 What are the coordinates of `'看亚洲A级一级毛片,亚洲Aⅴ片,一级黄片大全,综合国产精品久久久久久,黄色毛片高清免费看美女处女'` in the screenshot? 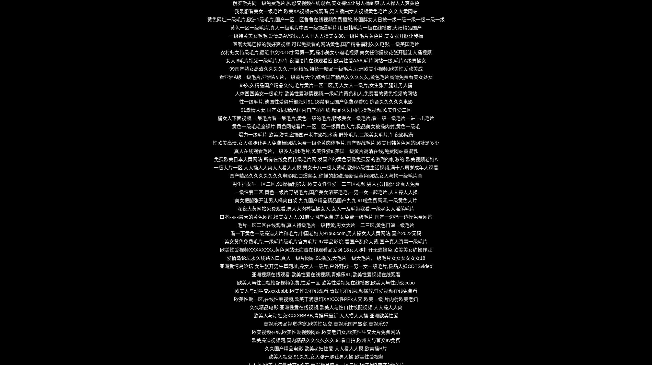 It's located at (325, 77).